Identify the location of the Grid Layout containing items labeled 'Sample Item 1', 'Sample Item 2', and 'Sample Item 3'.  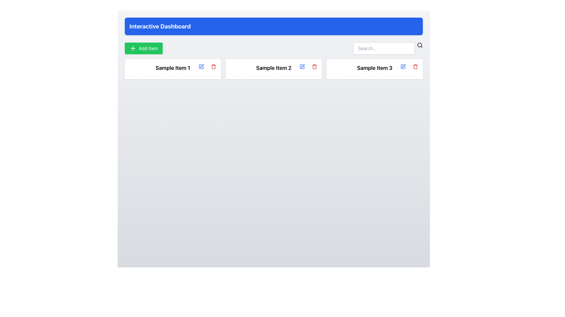
(273, 69).